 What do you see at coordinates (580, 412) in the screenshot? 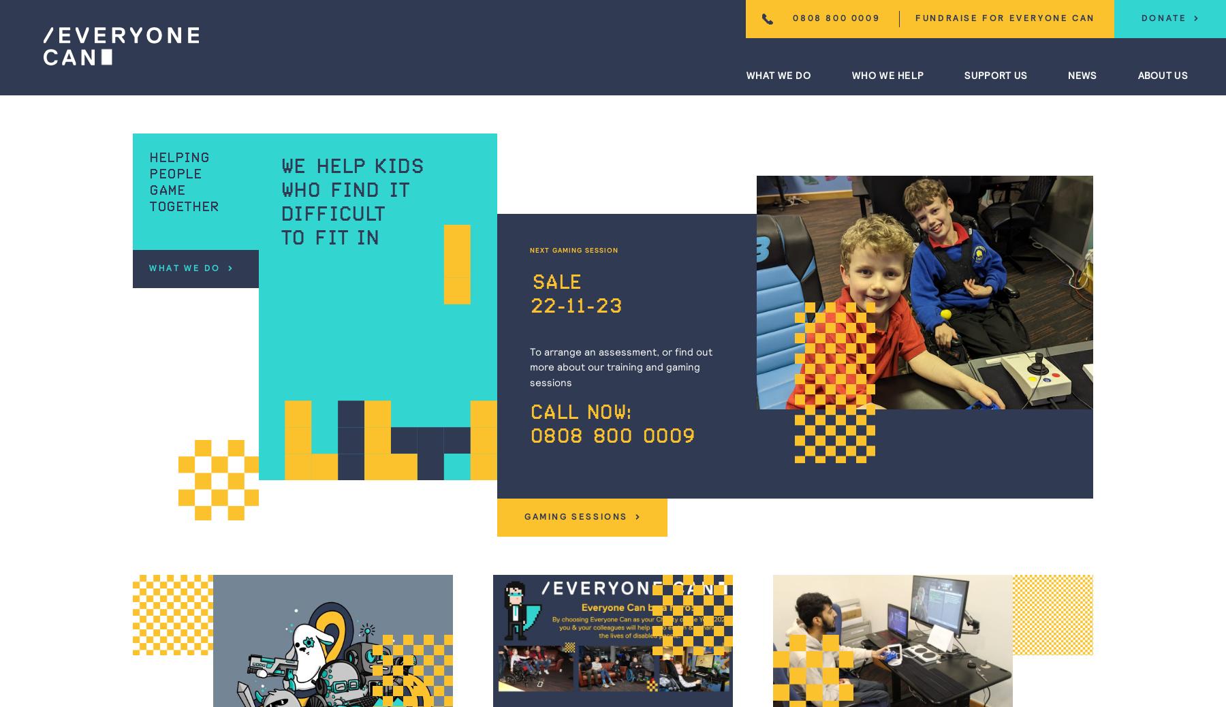
I see `'Call now:'` at bounding box center [580, 412].